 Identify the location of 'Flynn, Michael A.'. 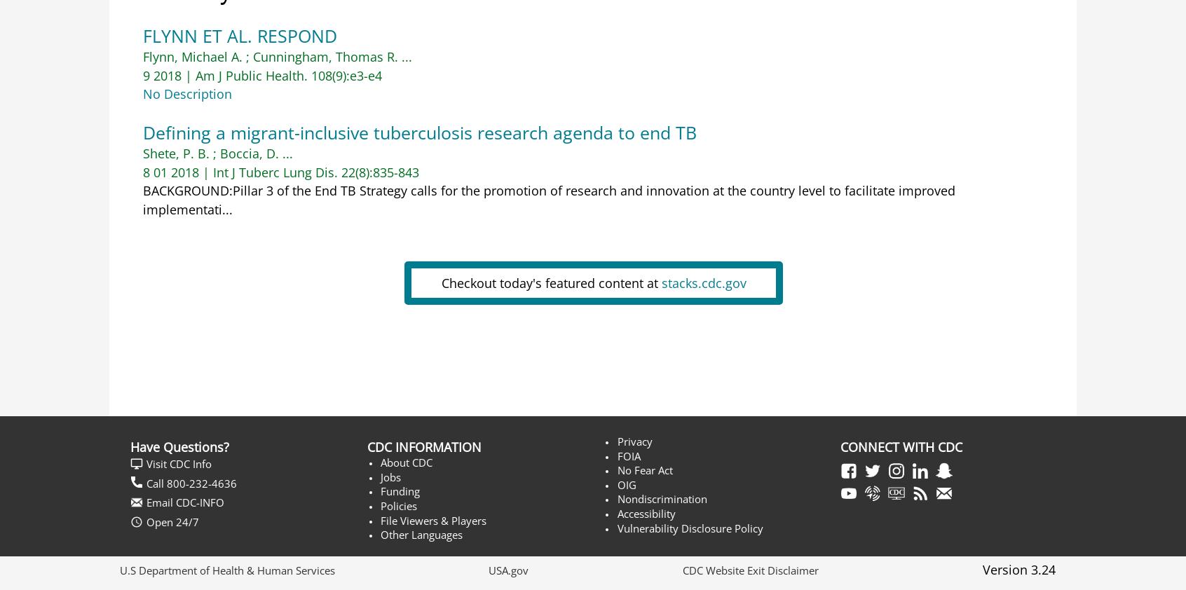
(191, 56).